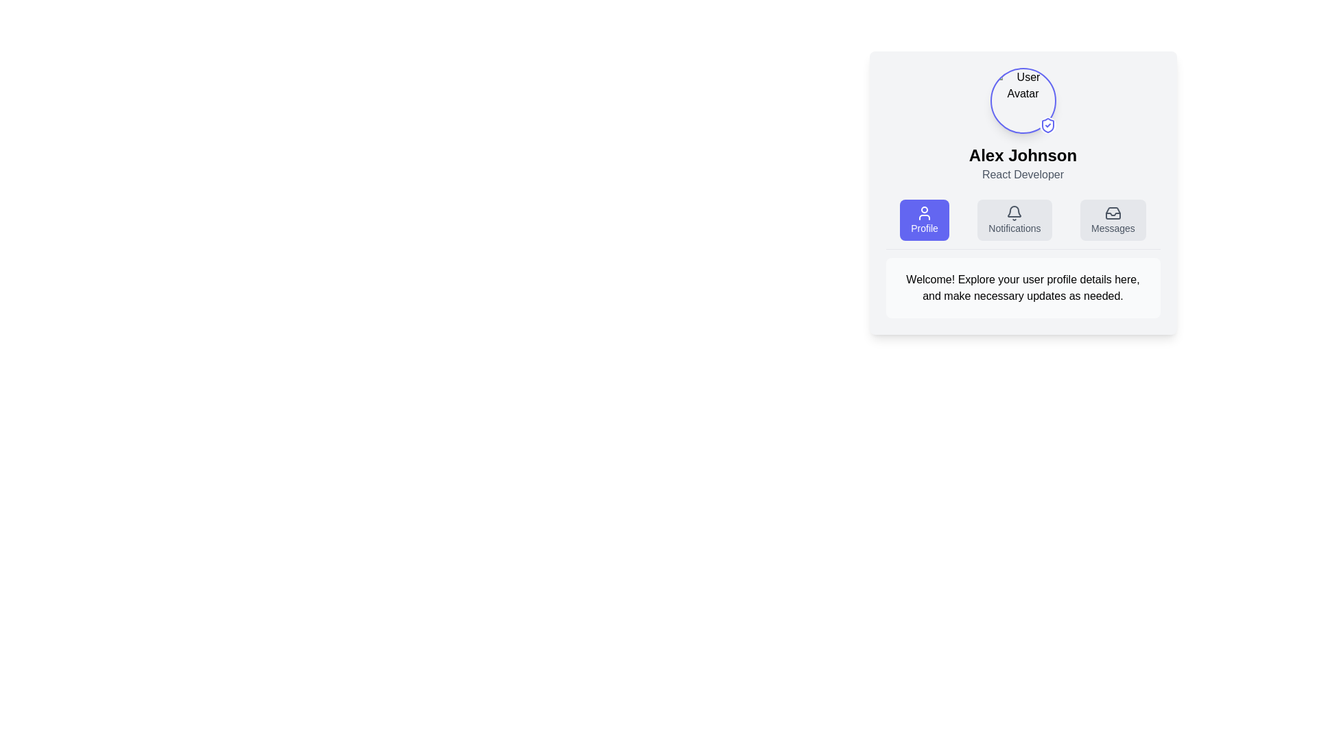  I want to click on the 'Messages' button, which is the third button in a horizontal group of 'Profile', 'Notifications', and 'Messages', located in the bottom section of the user card interface, so click(1113, 219).